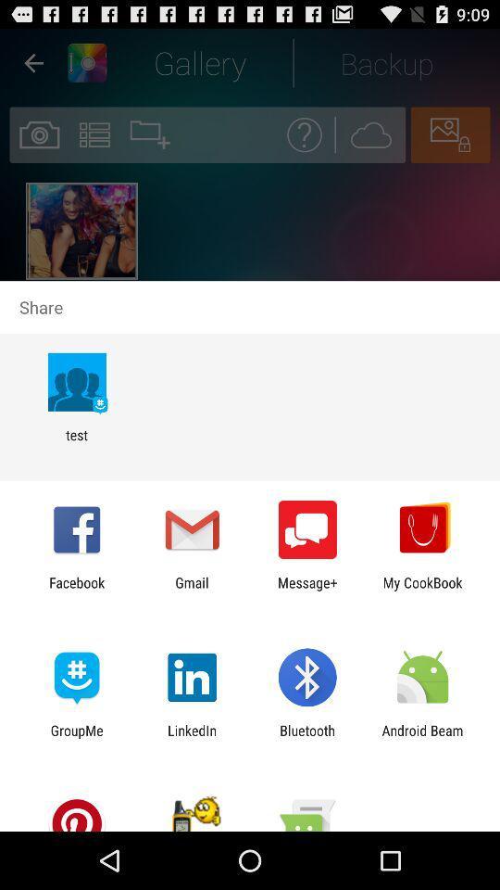  Describe the element at coordinates (191, 590) in the screenshot. I see `icon next to the message+` at that location.